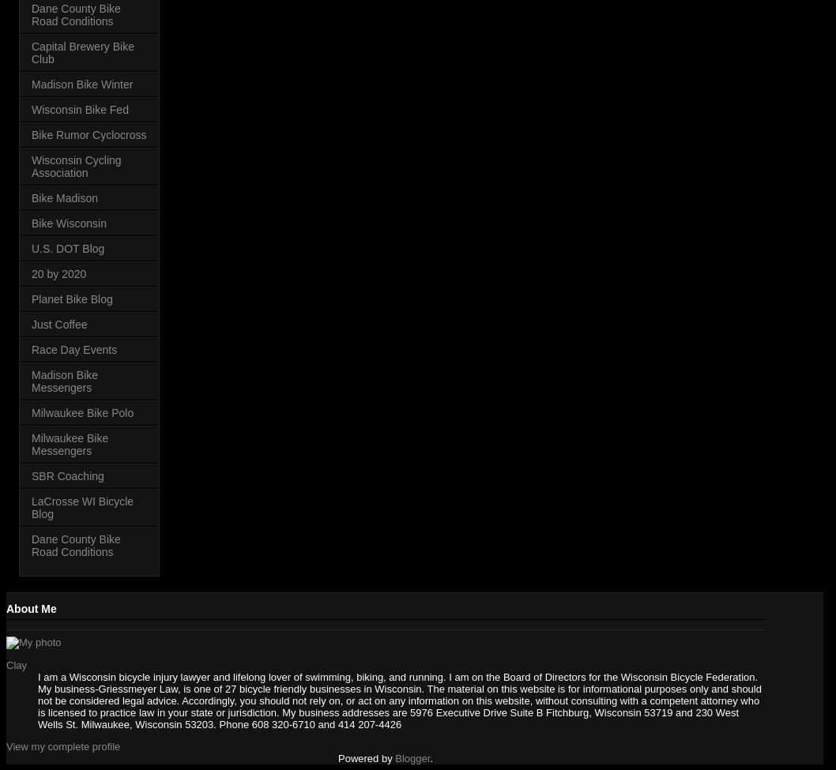 The height and width of the screenshot is (770, 836). I want to click on 'Race Day Events', so click(31, 348).